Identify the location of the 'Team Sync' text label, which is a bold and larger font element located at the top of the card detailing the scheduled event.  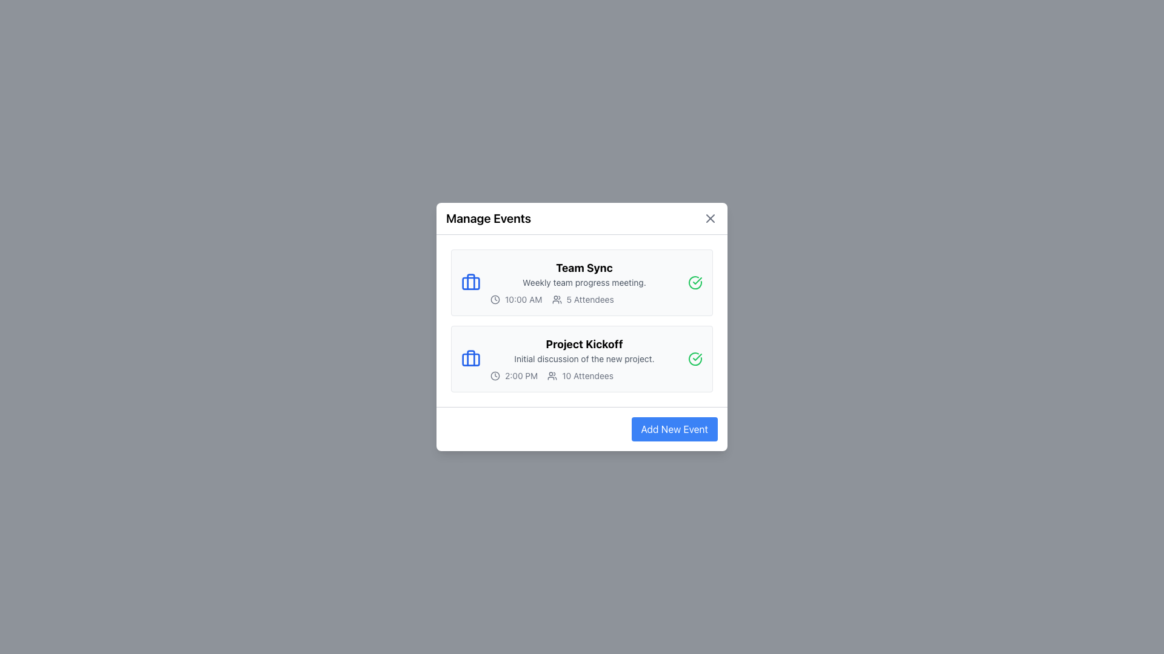
(584, 268).